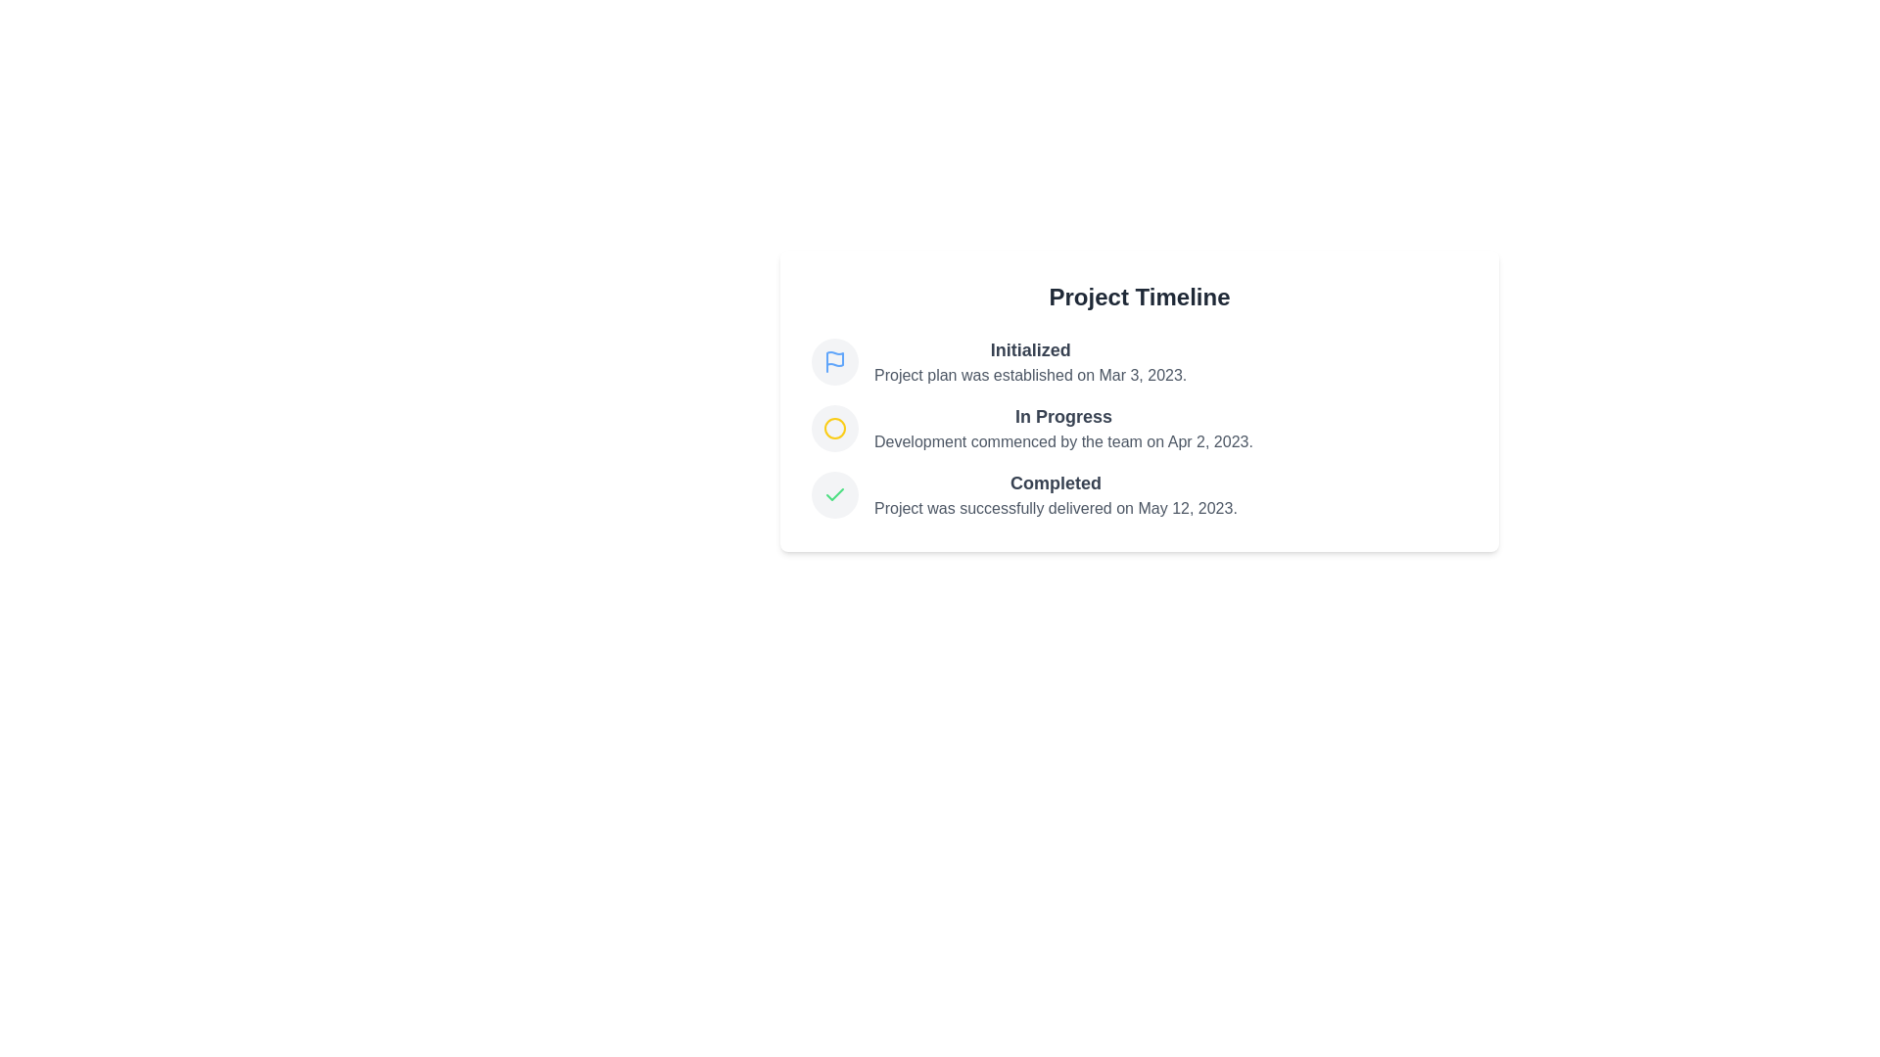 The width and height of the screenshot is (1880, 1057). What do you see at coordinates (1139, 362) in the screenshot?
I see `the List item that indicates the initialization phase of the project timeline, which is positioned at the top of the vertical list under 'Project Timeline'` at bounding box center [1139, 362].